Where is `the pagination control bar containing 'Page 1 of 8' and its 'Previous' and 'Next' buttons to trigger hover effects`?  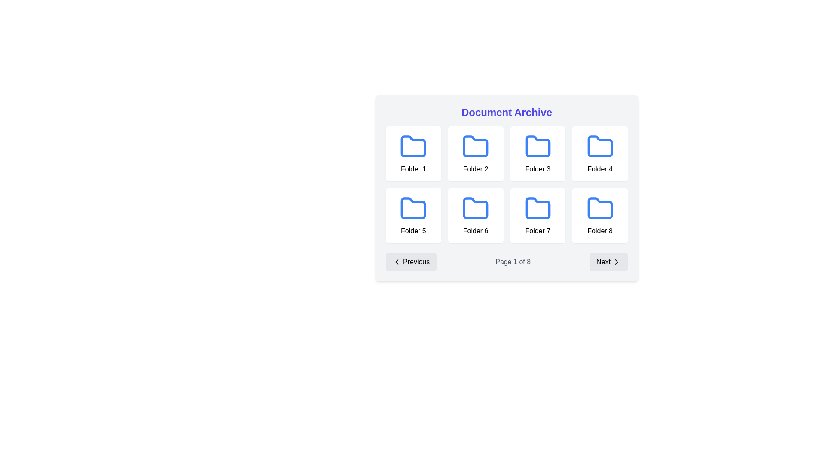 the pagination control bar containing 'Page 1 of 8' and its 'Previous' and 'Next' buttons to trigger hover effects is located at coordinates (507, 261).